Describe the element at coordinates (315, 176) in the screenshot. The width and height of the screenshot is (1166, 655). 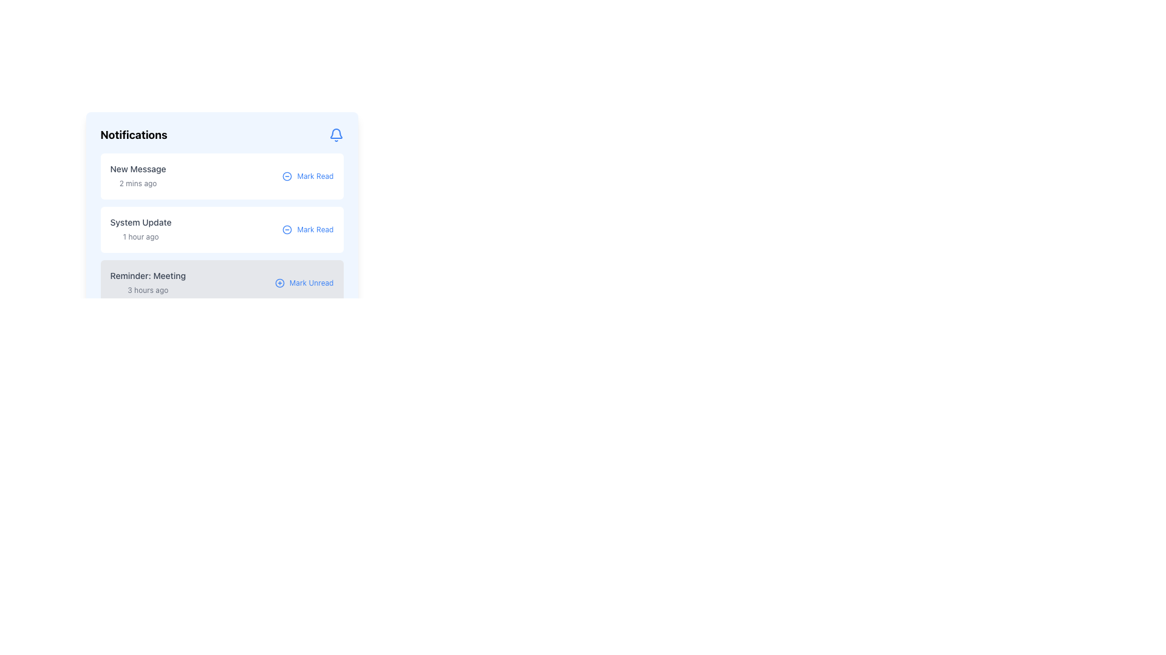
I see `the 'Mark Read' text label, which is prominently displayed in light blue color, located at the rightmost position of the first notification entry titled 'New Message'` at that location.